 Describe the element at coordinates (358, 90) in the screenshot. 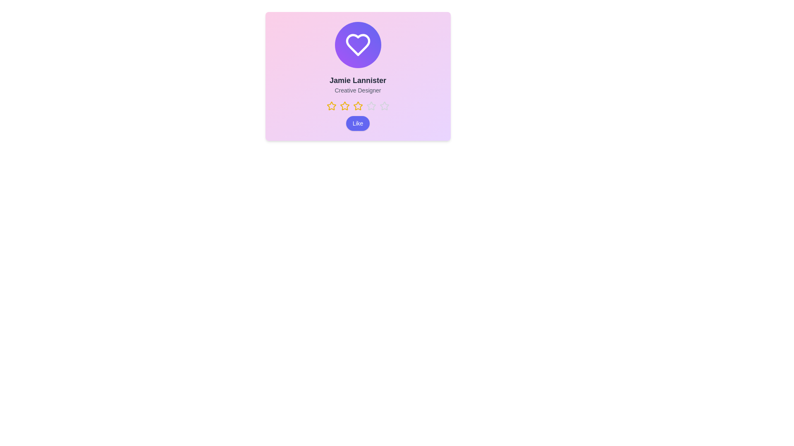

I see `the text label displaying 'Creative Designer' for accessibility purposes` at that location.